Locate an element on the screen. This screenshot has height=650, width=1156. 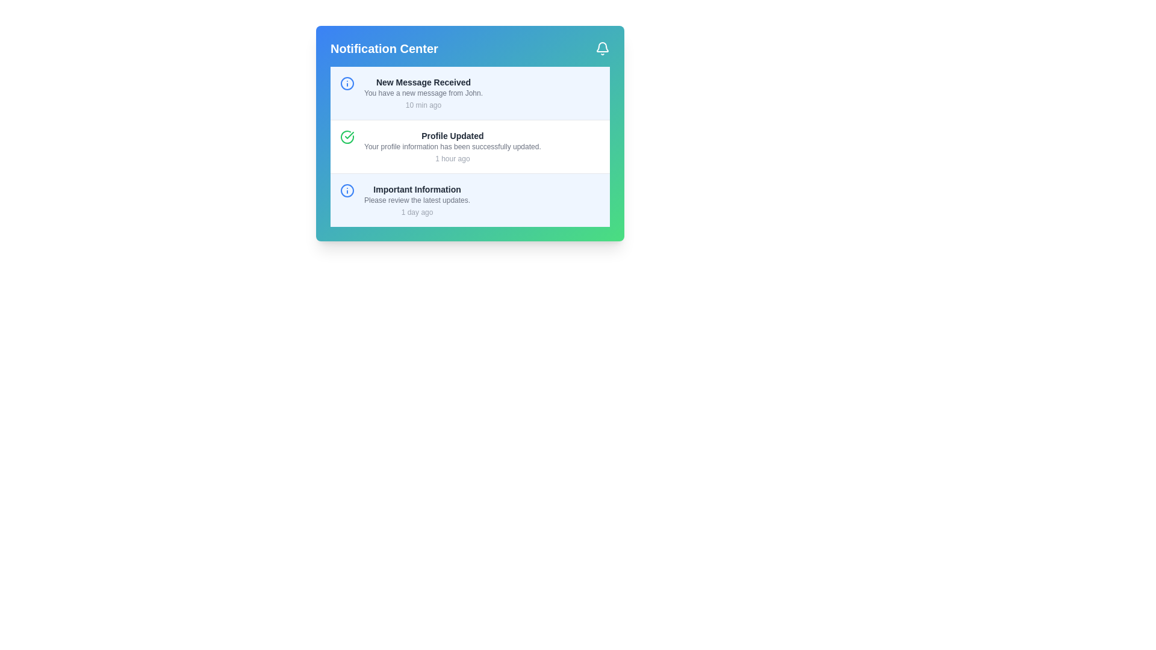
the first Notification Item in the Notification Center to read the new message content is located at coordinates (423, 92).